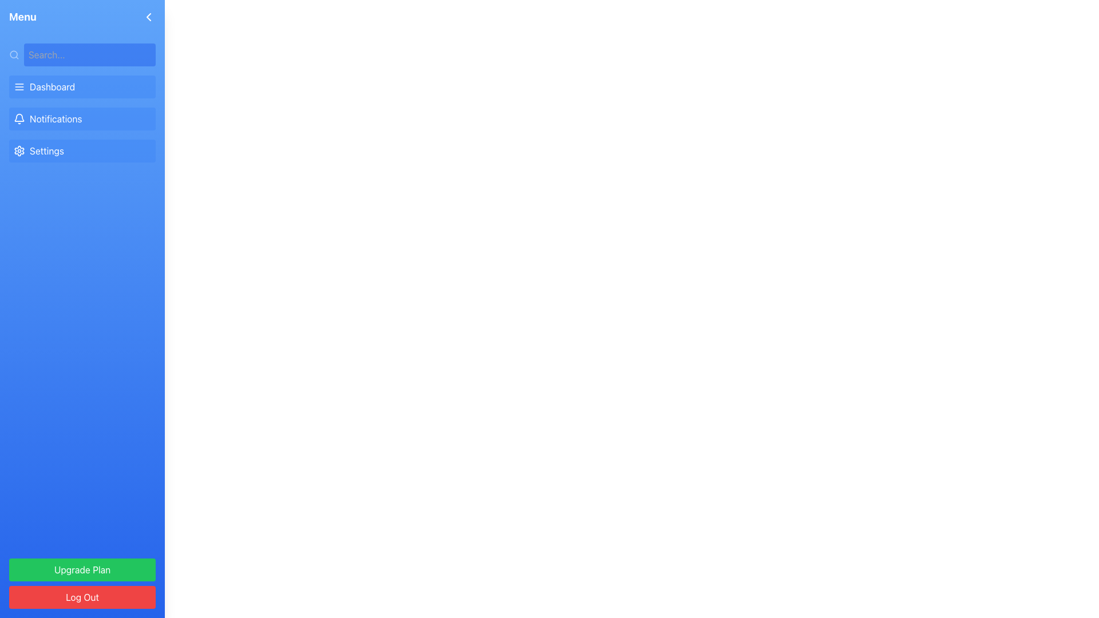 This screenshot has height=618, width=1099. I want to click on the search icon that visually indicates the search functionality, located before the text input field labeled 'Search...', so click(14, 55).